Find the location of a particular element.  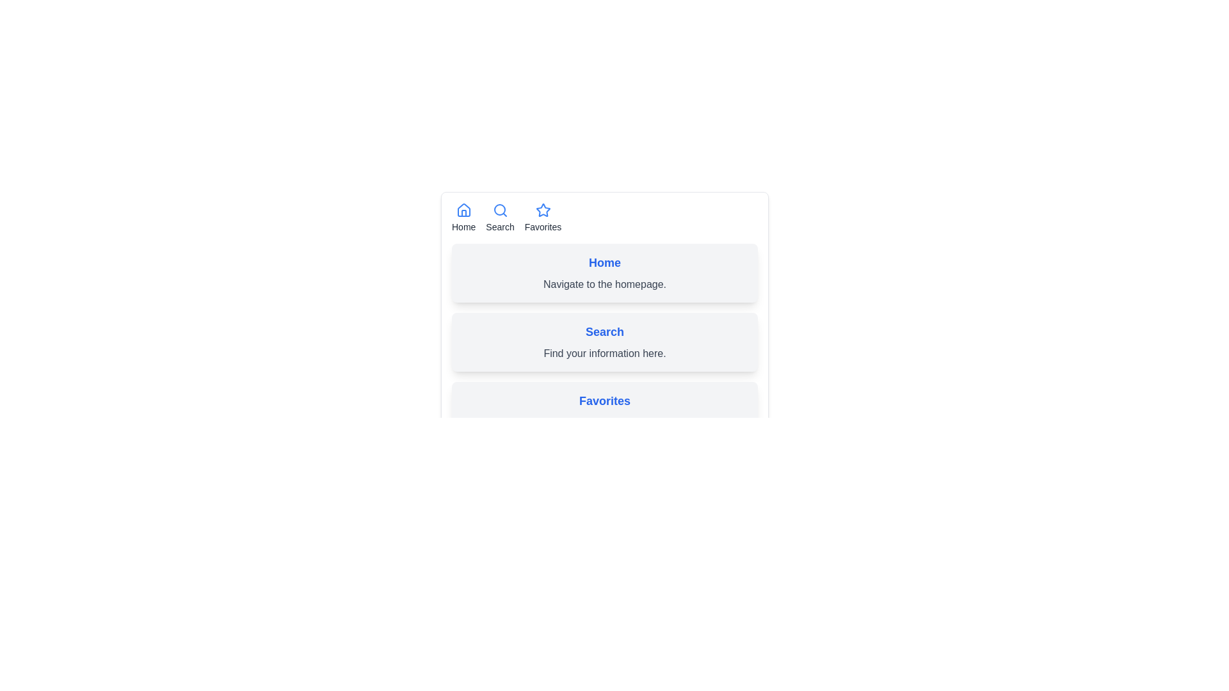

text content of the 'Favorites' label, which is a bold blue text displayed in a card-like area with rounded corners and a light gray background is located at coordinates (604, 401).